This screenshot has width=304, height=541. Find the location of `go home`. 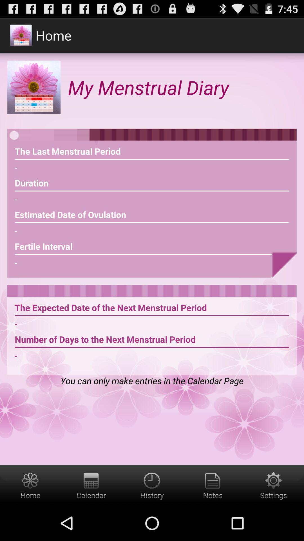

go home is located at coordinates (30, 485).